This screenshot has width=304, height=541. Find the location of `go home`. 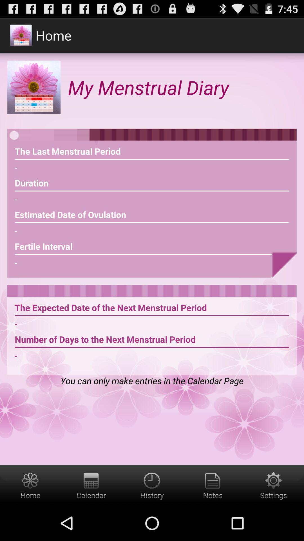

go home is located at coordinates (30, 485).